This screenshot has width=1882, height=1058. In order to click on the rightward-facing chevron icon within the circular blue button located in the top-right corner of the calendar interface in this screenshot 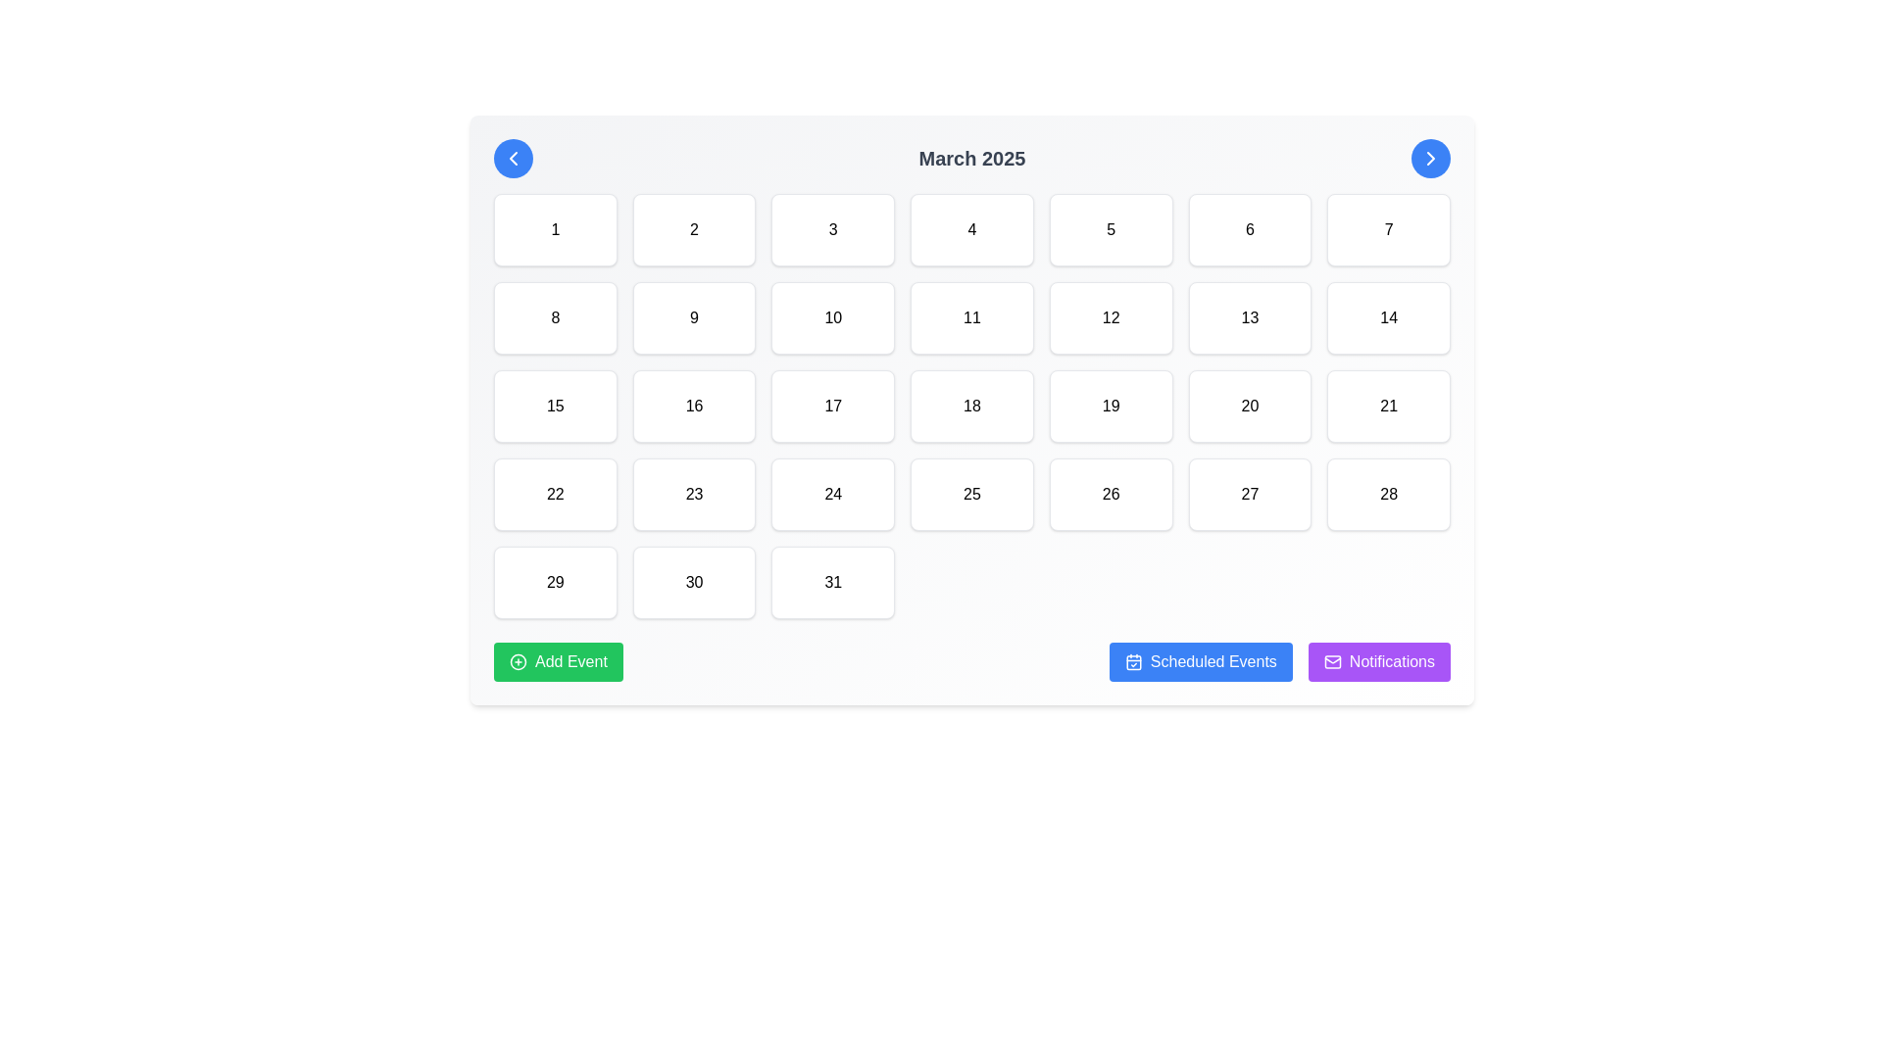, I will do `click(1430, 158)`.